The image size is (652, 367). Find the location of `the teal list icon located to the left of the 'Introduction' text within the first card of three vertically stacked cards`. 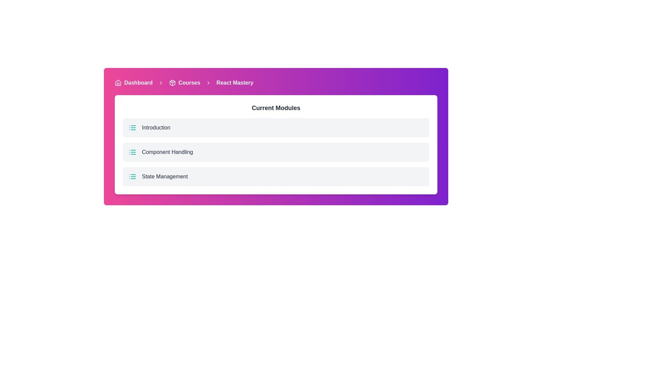

the teal list icon located to the left of the 'Introduction' text within the first card of three vertically stacked cards is located at coordinates (132, 127).